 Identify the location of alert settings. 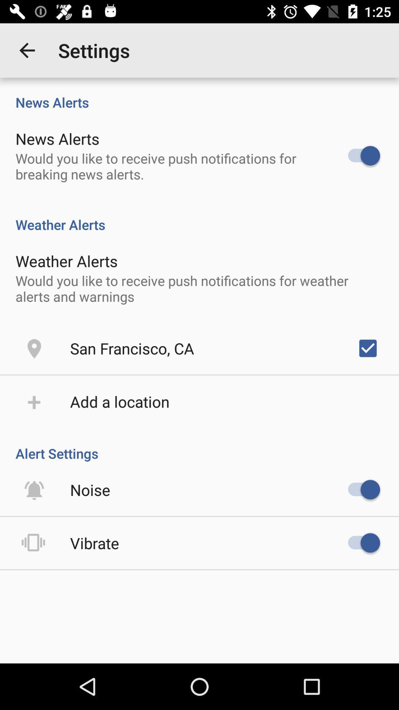
(199, 445).